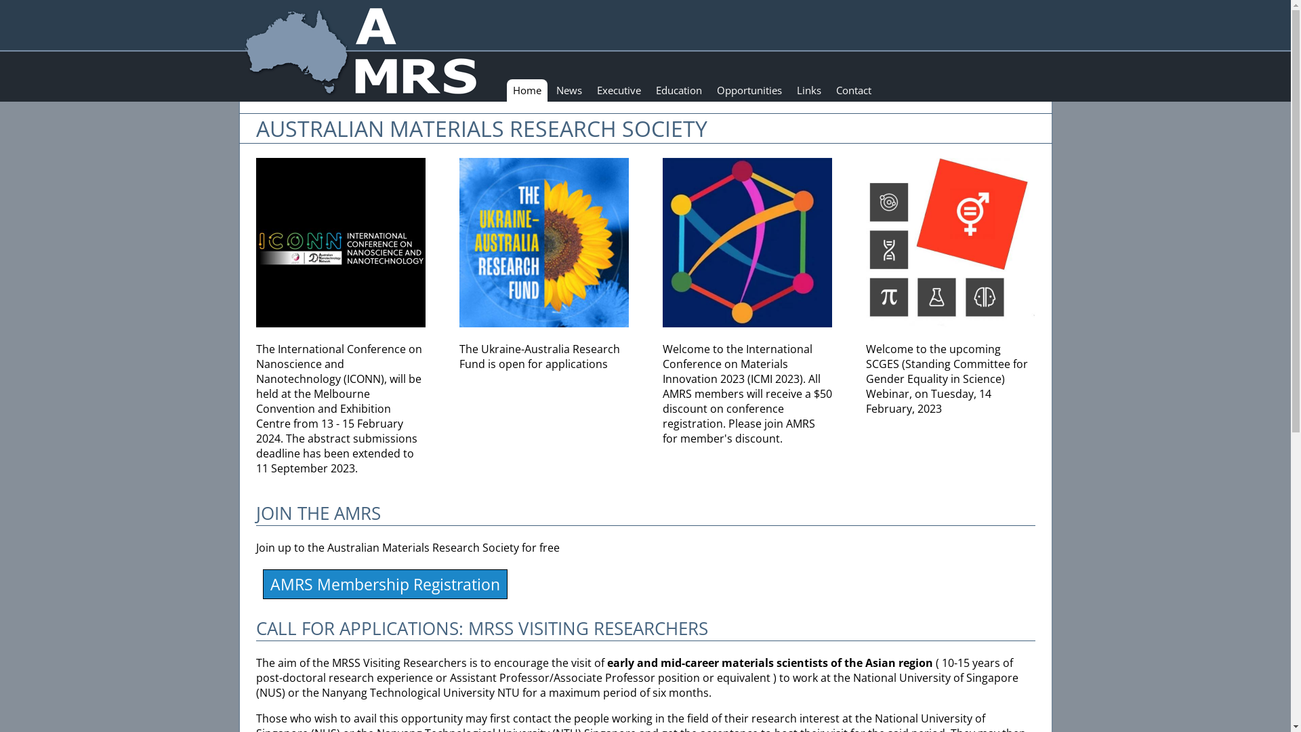 The image size is (1301, 732). What do you see at coordinates (747, 90) in the screenshot?
I see `'Opportunities'` at bounding box center [747, 90].